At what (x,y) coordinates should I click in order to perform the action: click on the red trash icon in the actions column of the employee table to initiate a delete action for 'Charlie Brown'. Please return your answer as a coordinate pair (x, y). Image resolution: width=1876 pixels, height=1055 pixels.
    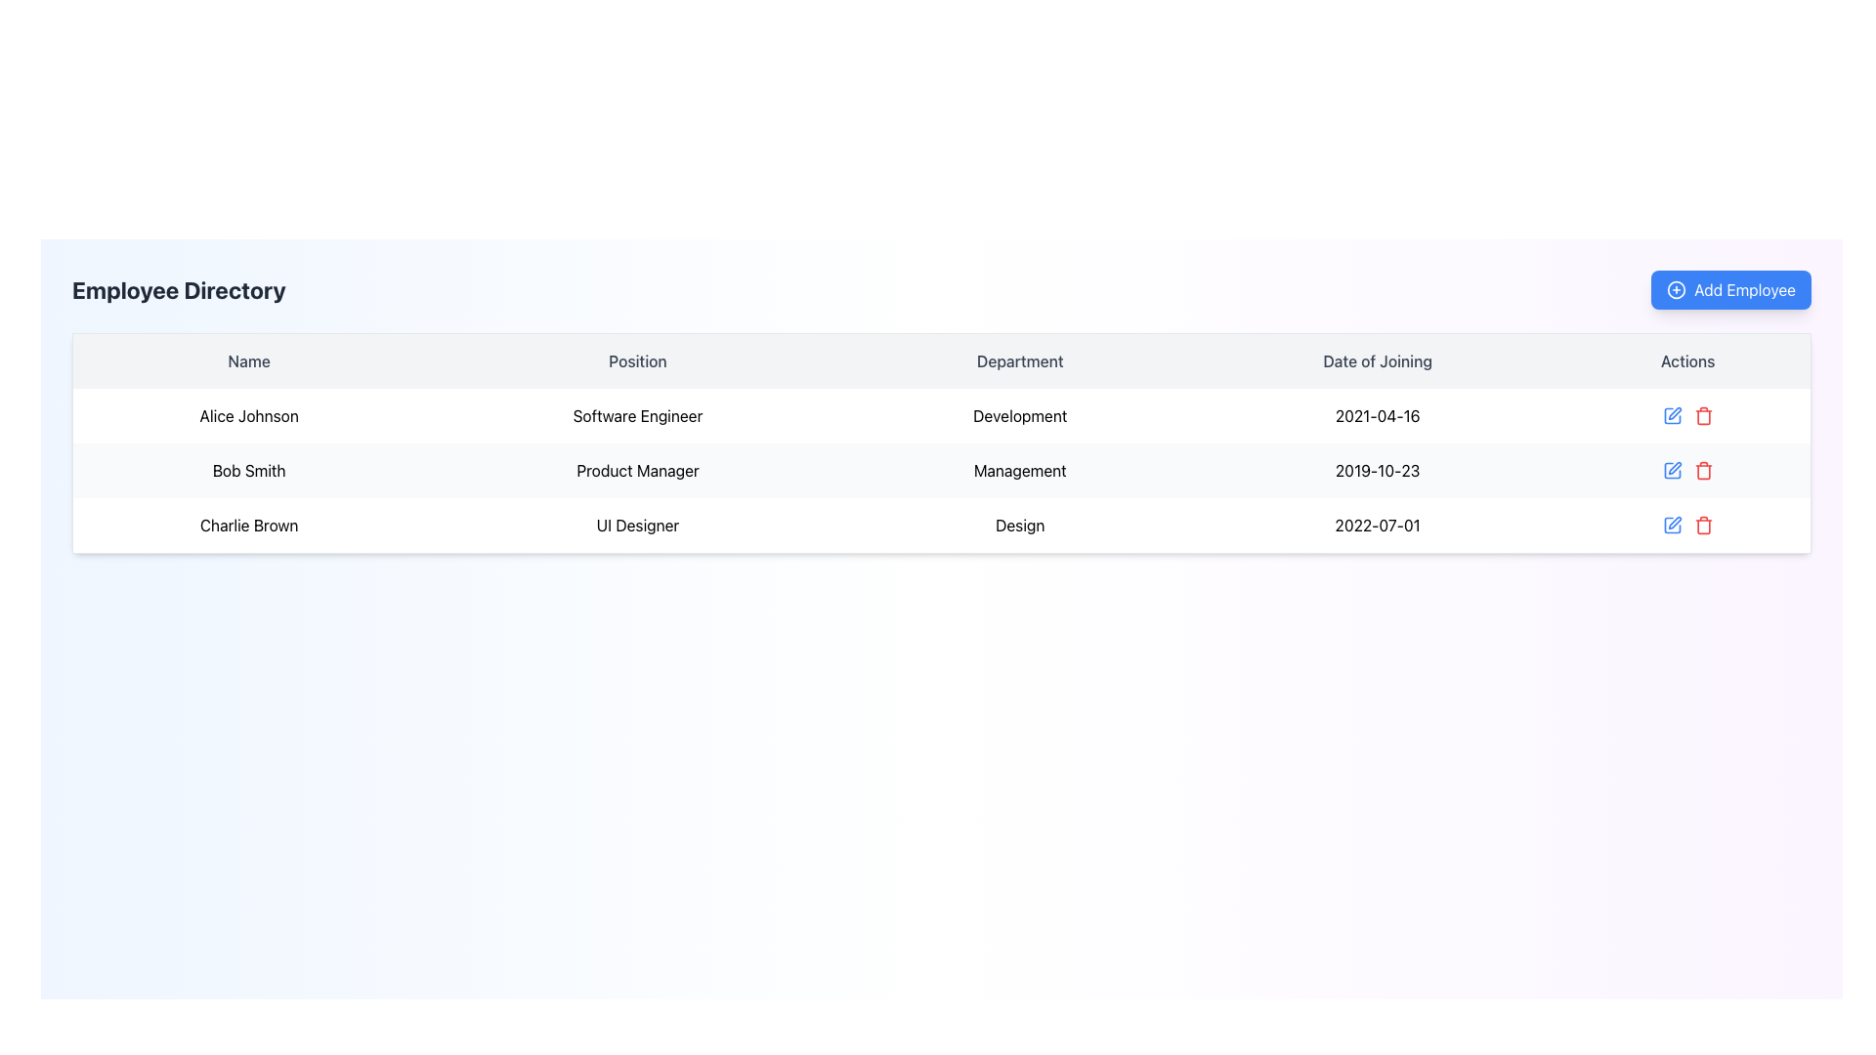
    Looking at the image, I should click on (1687, 525).